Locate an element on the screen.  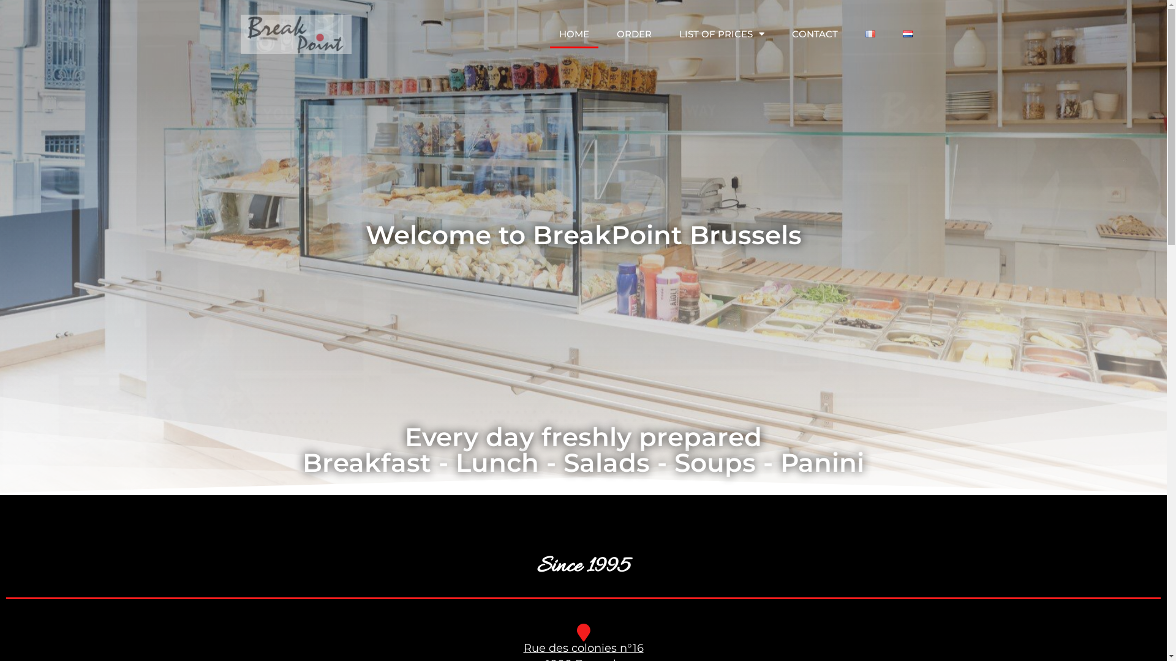
'CONTACT' is located at coordinates (815, 34).